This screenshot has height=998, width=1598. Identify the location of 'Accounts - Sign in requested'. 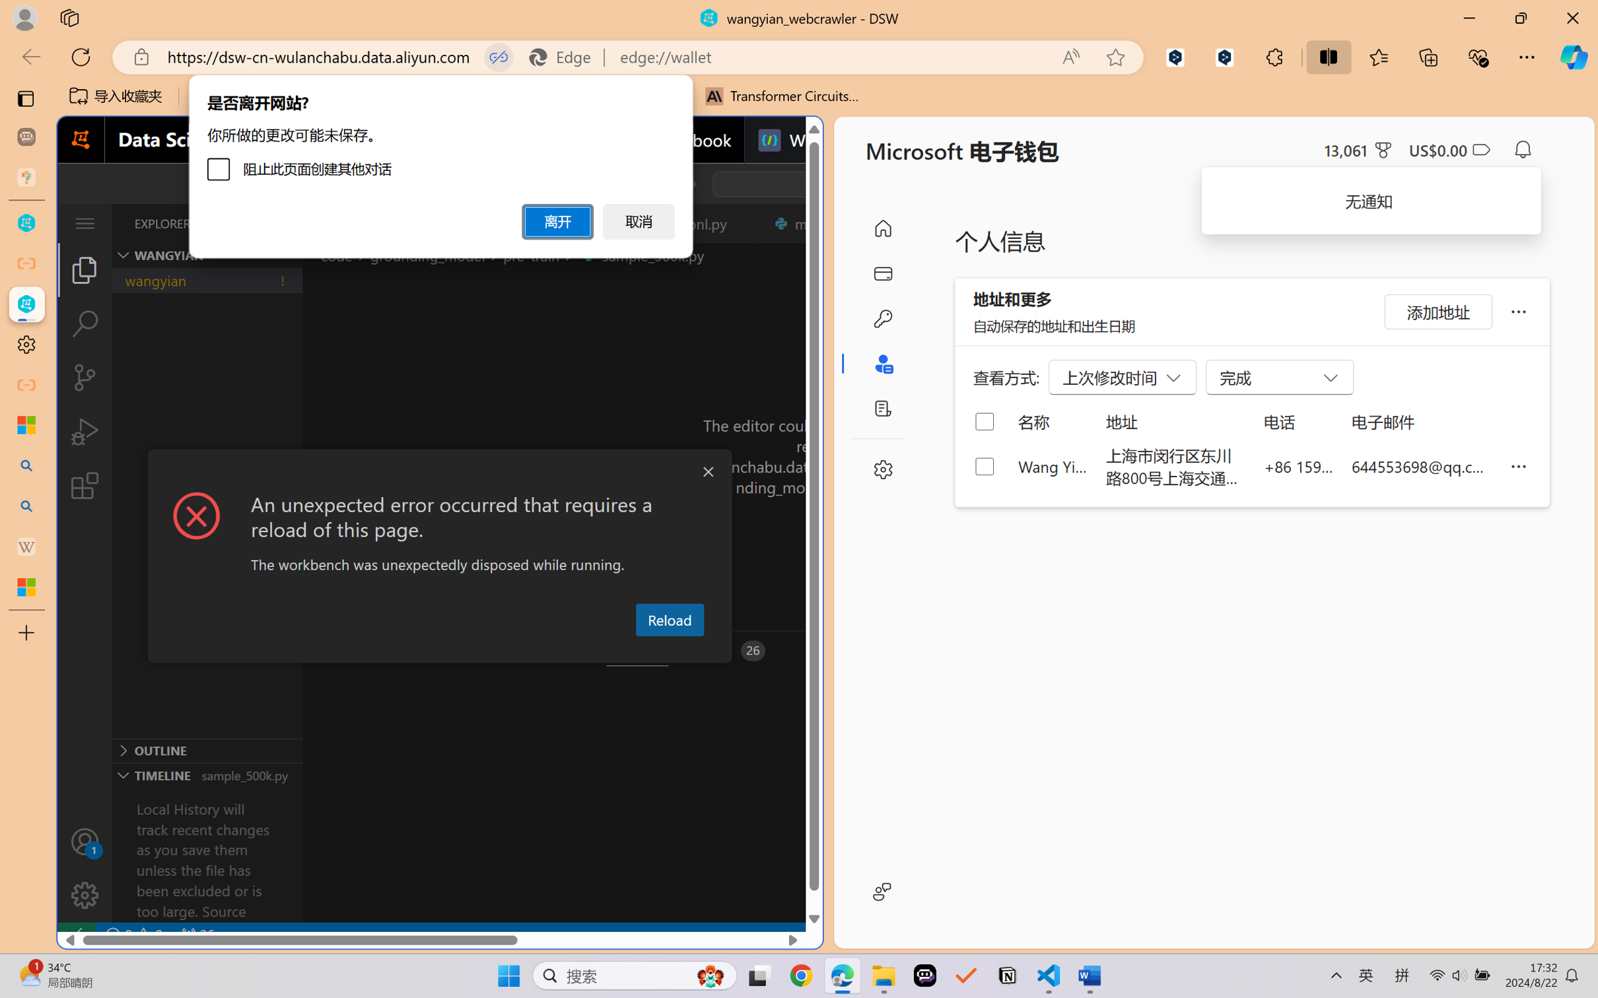
(84, 841).